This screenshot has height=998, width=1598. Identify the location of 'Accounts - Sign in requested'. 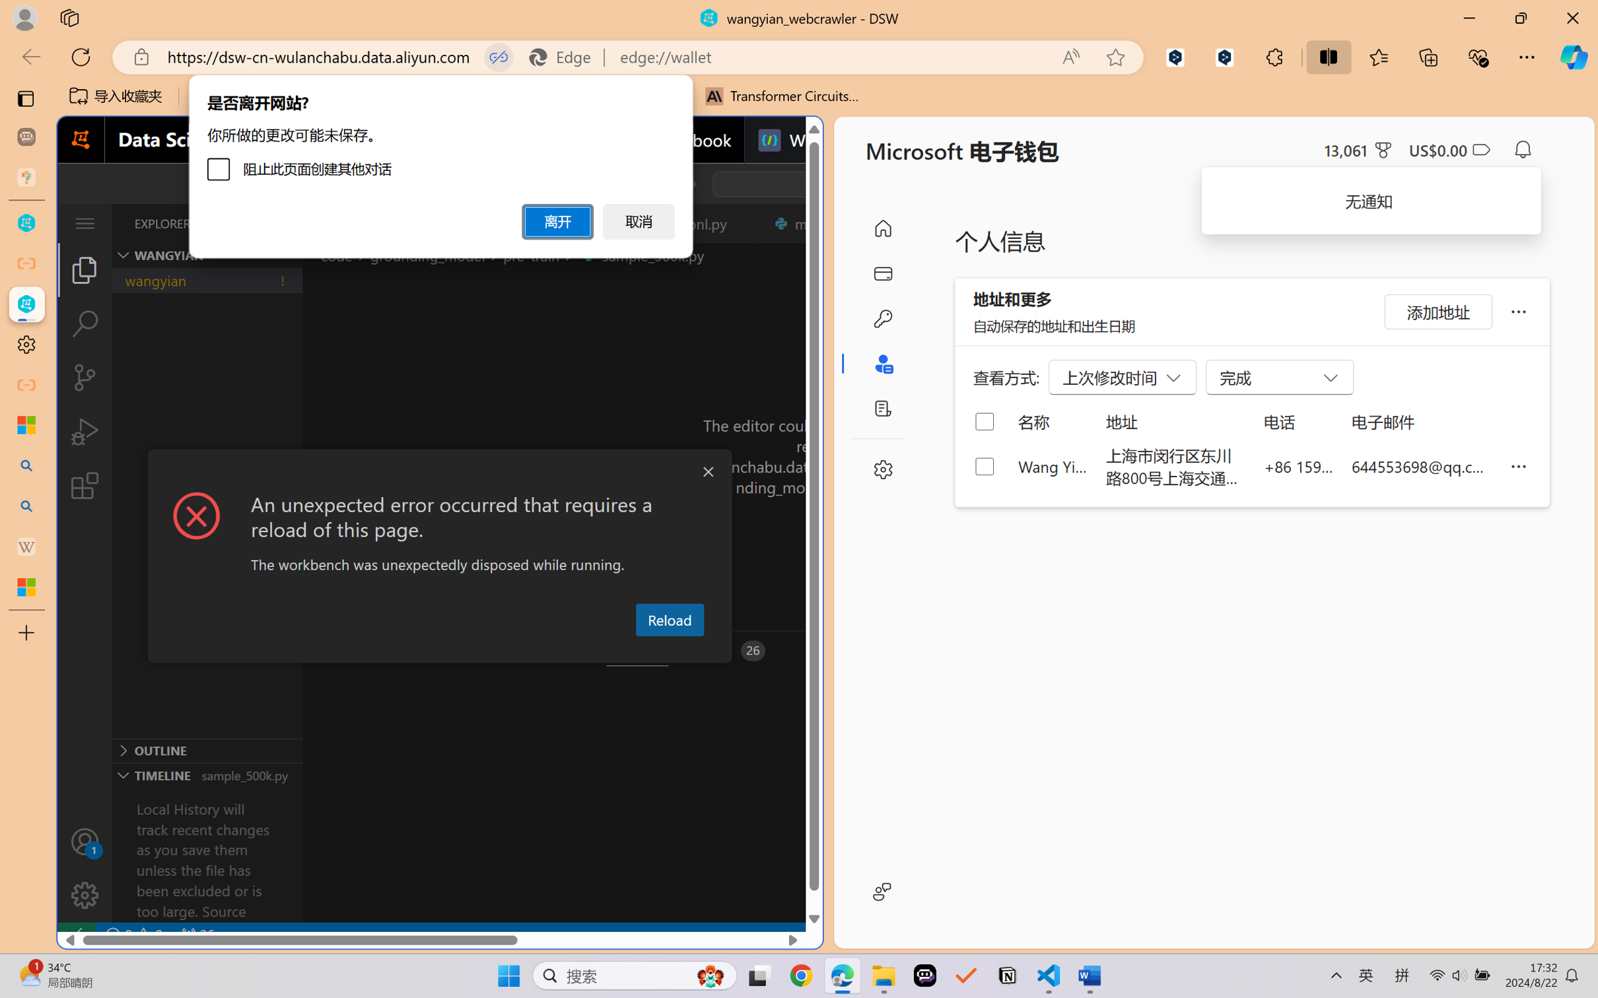
(84, 841).